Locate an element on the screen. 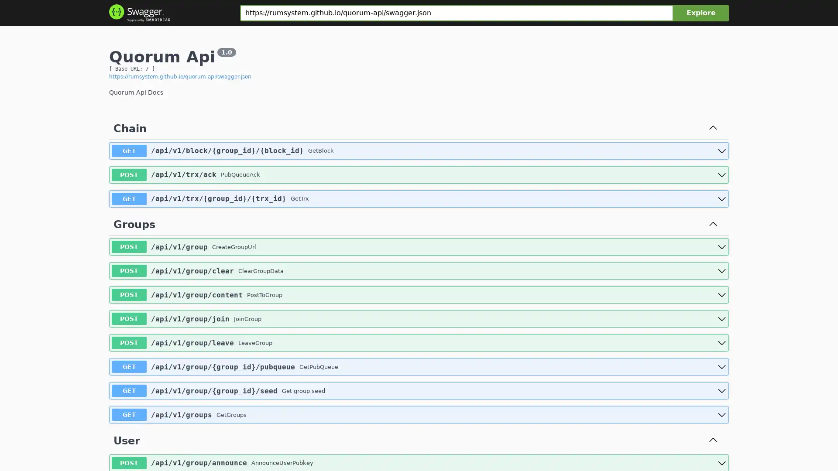  get /api/v1/block/{group_id}/{block_id} is located at coordinates (419, 150).